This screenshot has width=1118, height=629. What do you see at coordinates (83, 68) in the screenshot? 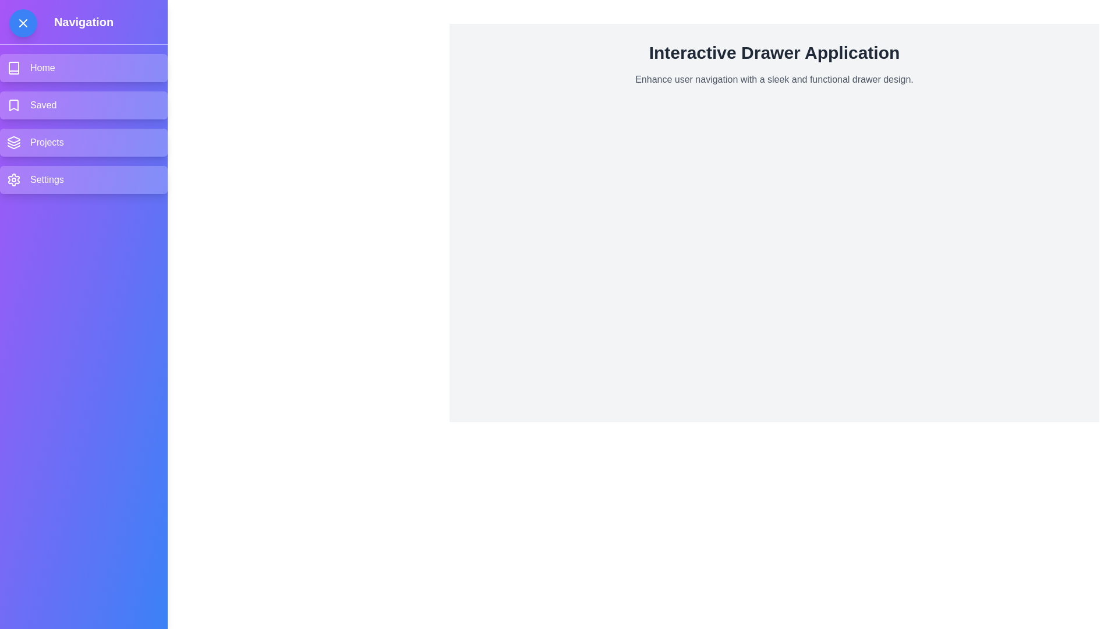
I see `the menu item labeled Home in the drawer` at bounding box center [83, 68].